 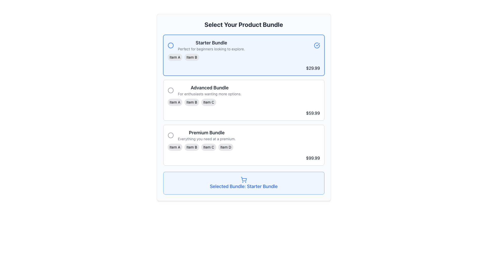 What do you see at coordinates (243, 179) in the screenshot?
I see `the shopping cart icon that confirms the selected bundle, located above the text 'Selected Bundle: Starter Bundle'` at bounding box center [243, 179].